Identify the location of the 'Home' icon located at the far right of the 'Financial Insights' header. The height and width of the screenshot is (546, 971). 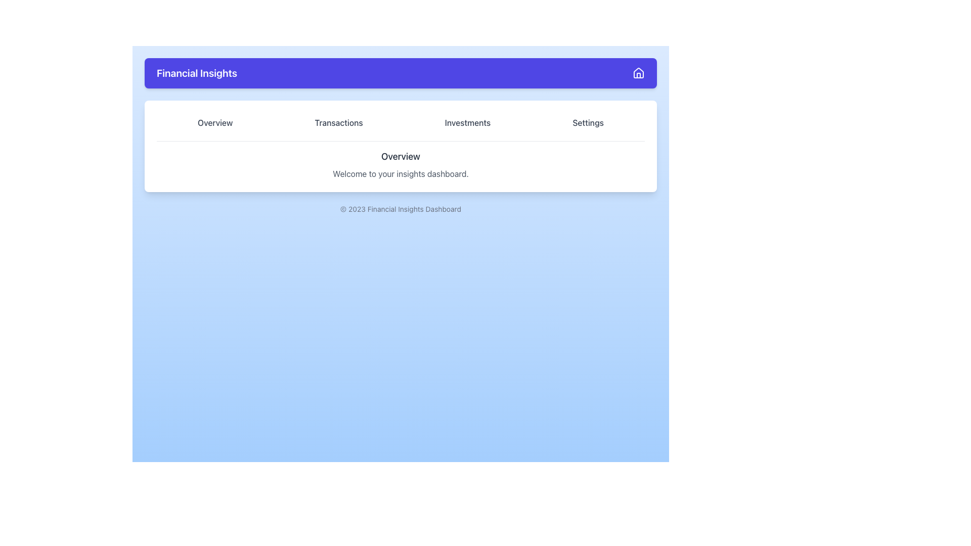
(638, 73).